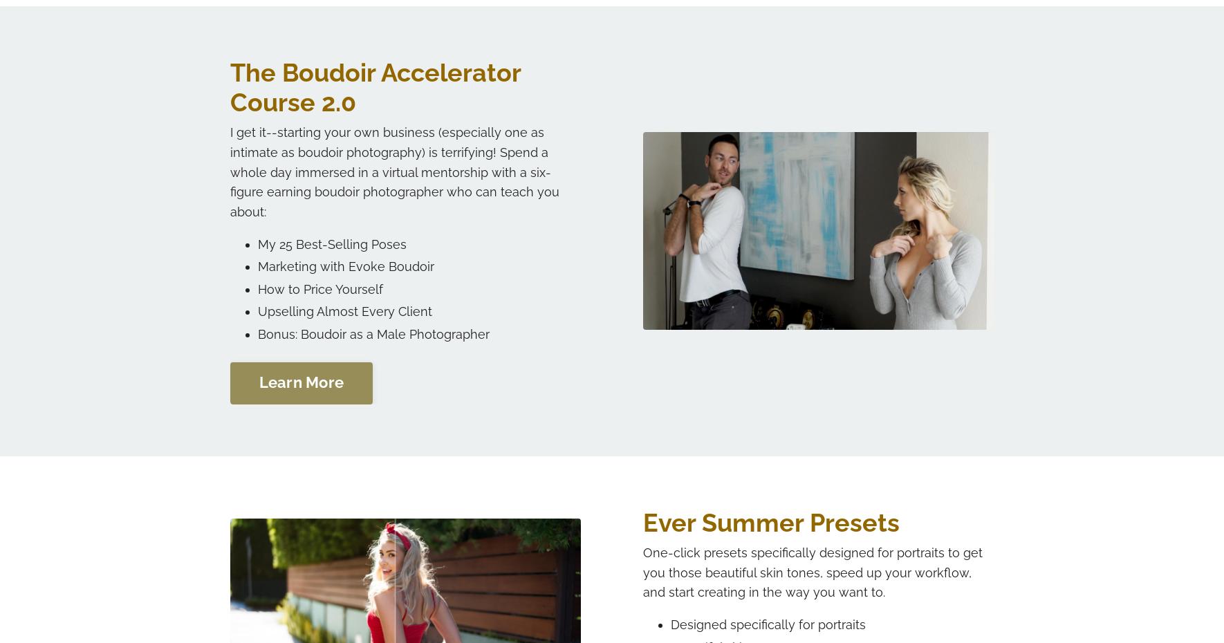 The height and width of the screenshot is (643, 1224). I want to click on 'The Boudoir Accelerator Course 2.0', so click(374, 86).